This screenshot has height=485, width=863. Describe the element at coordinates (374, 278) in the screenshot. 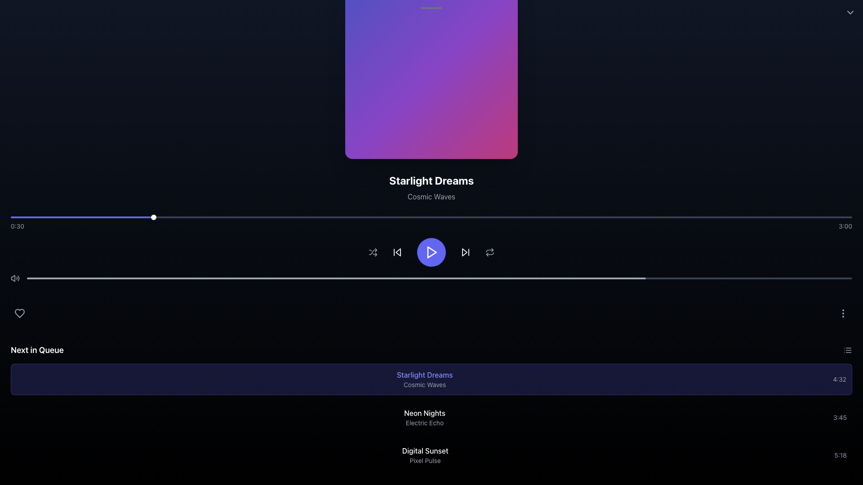

I see `the playback progress` at that location.